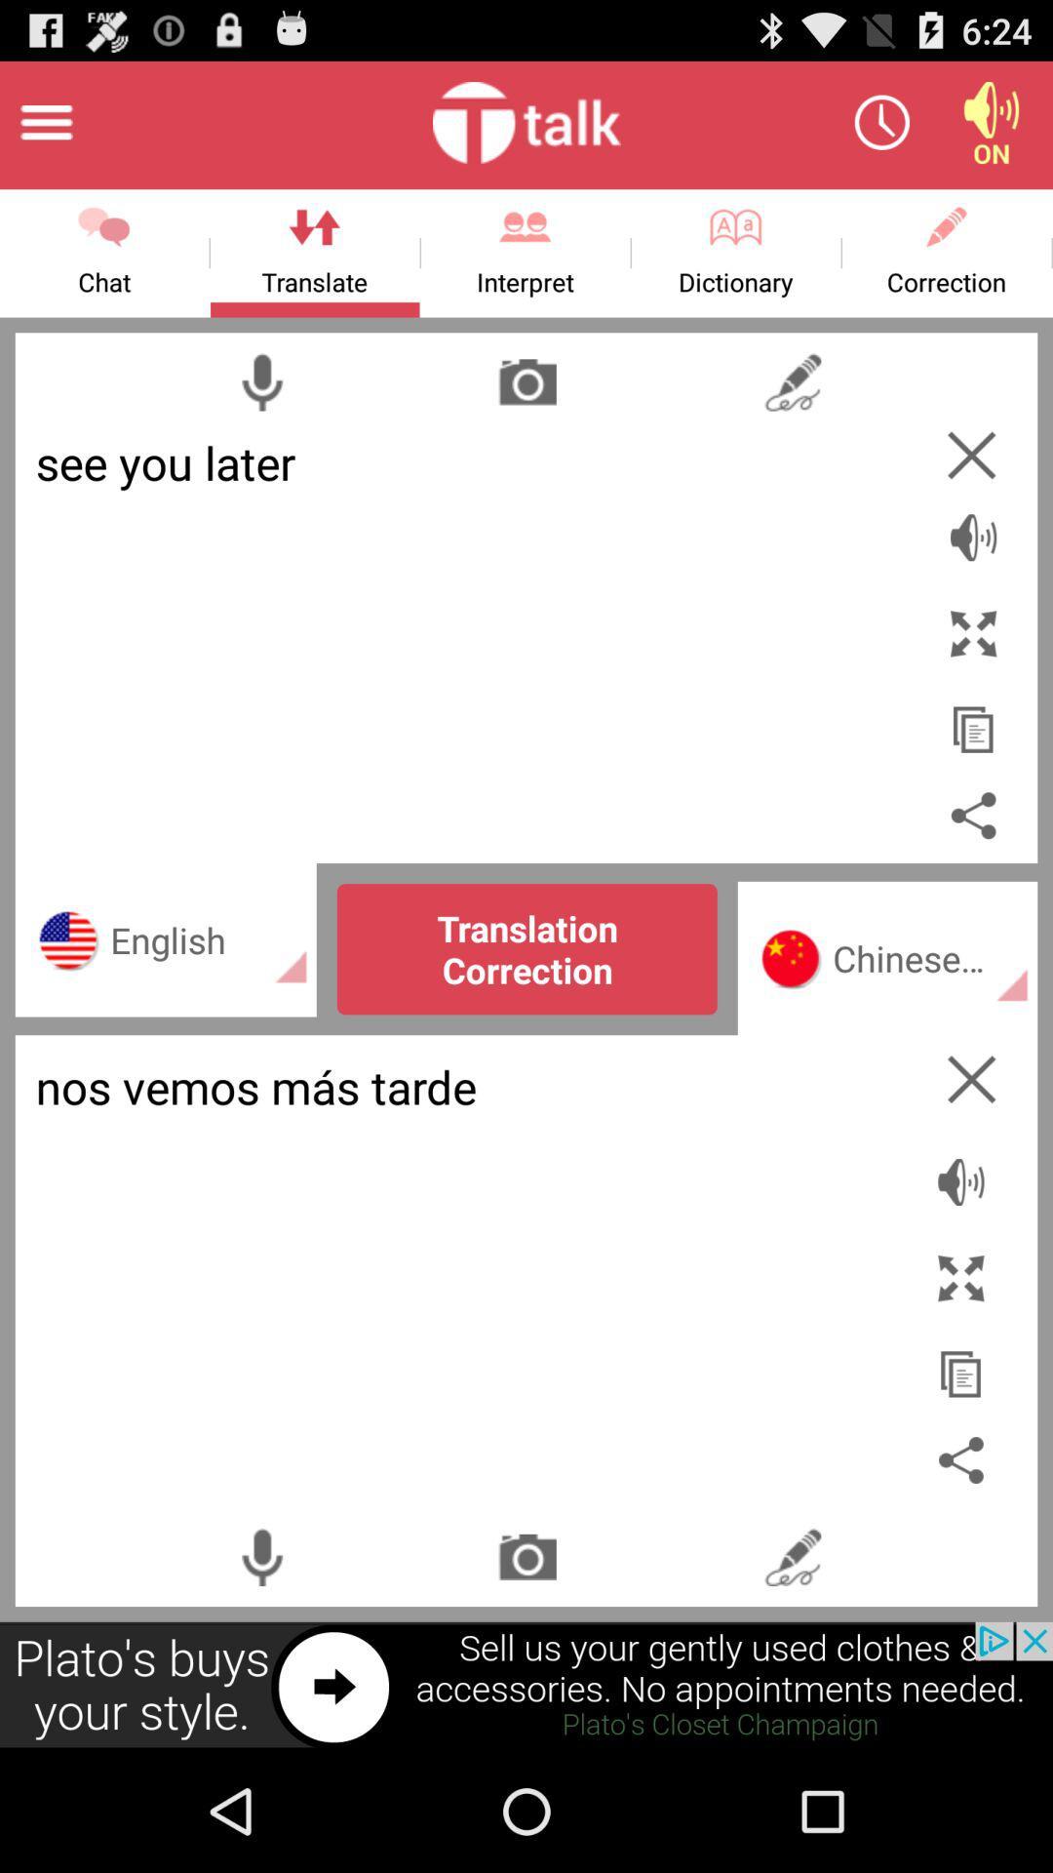 The width and height of the screenshot is (1053, 1873). Describe the element at coordinates (971, 1155) in the screenshot. I see `the close icon` at that location.